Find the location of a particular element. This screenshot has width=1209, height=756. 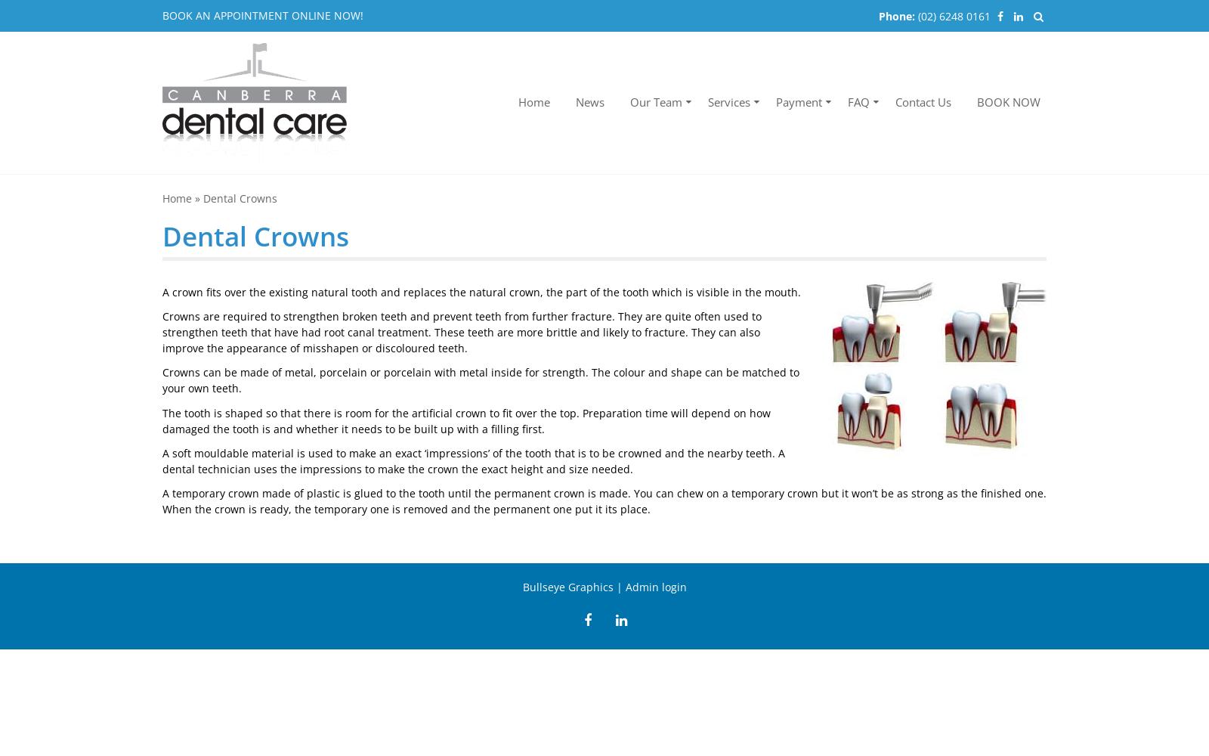

'Payment methods' is located at coordinates (772, 149).